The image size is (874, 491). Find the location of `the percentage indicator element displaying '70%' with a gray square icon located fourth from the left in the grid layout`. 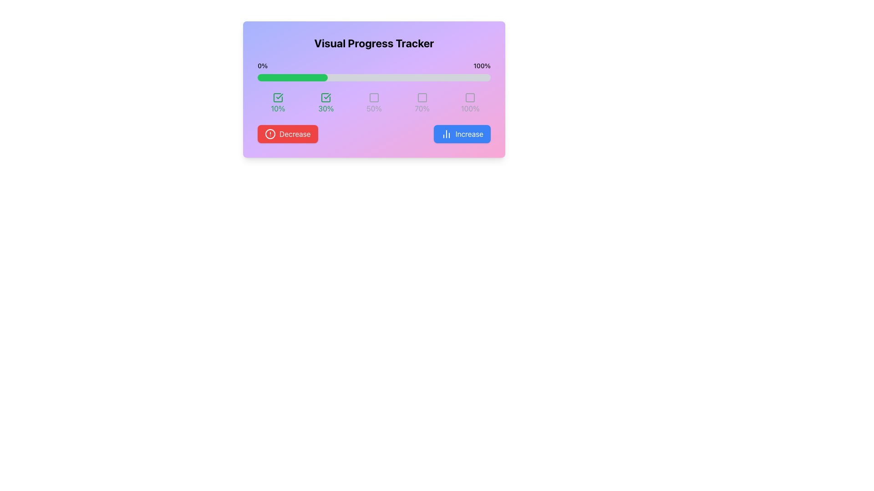

the percentage indicator element displaying '70%' with a gray square icon located fourth from the left in the grid layout is located at coordinates (422, 103).